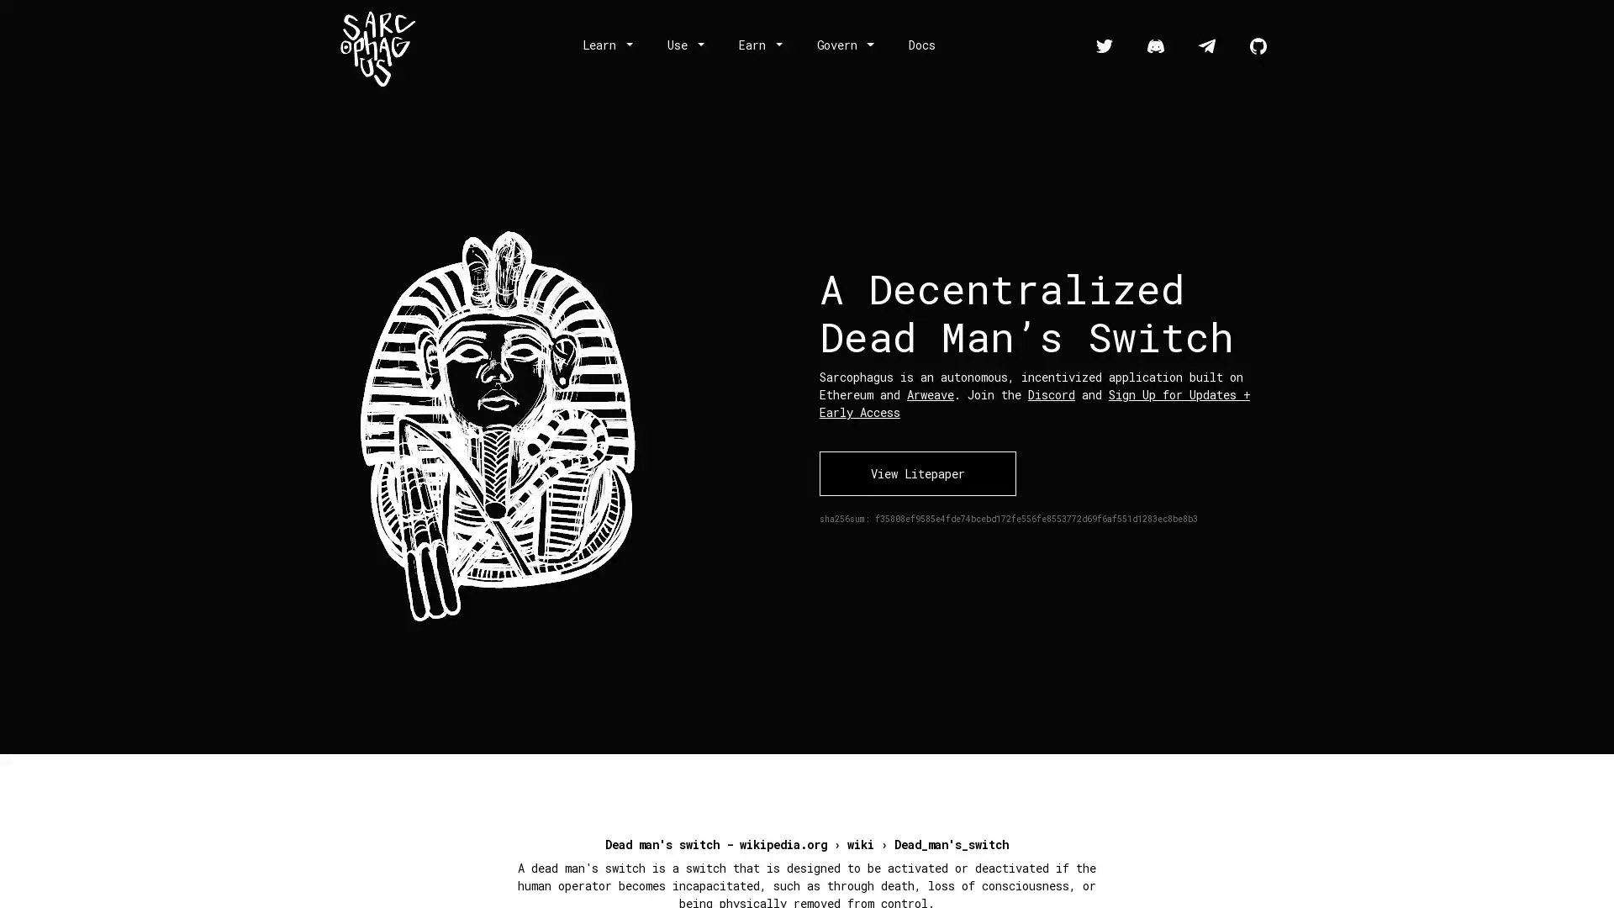 The height and width of the screenshot is (908, 1614). Describe the element at coordinates (916, 472) in the screenshot. I see `View Litepaper` at that location.